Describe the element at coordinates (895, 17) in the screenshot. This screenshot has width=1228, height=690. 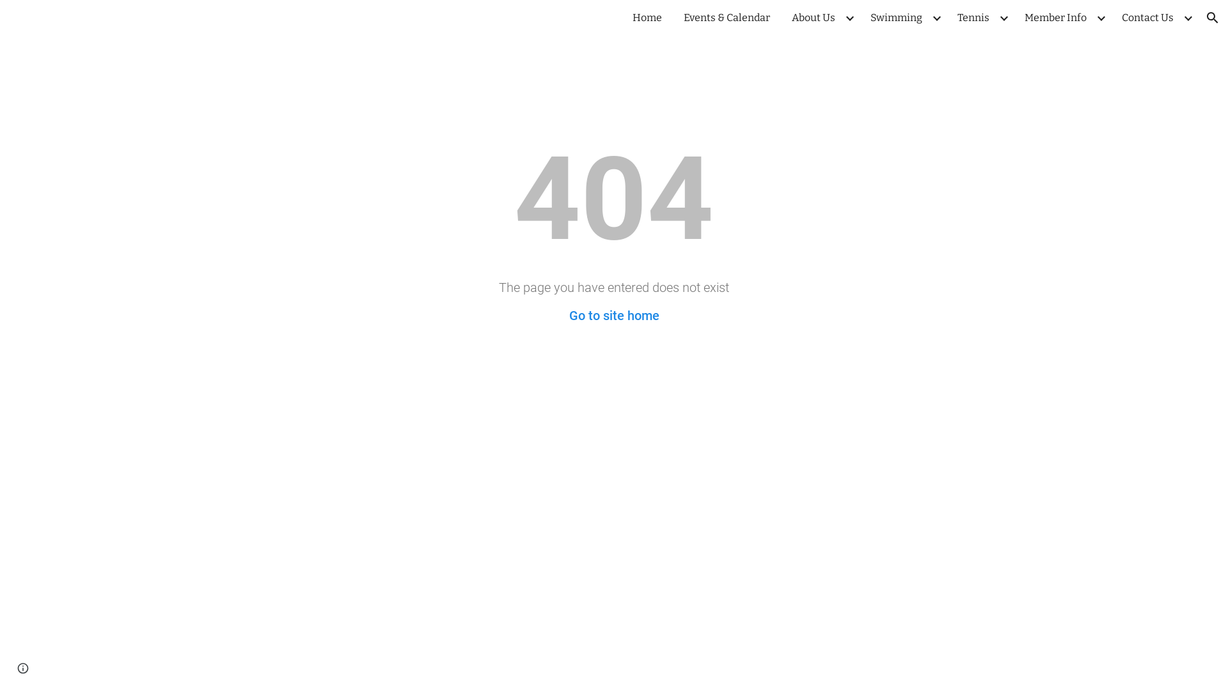
I see `'Swimming'` at that location.